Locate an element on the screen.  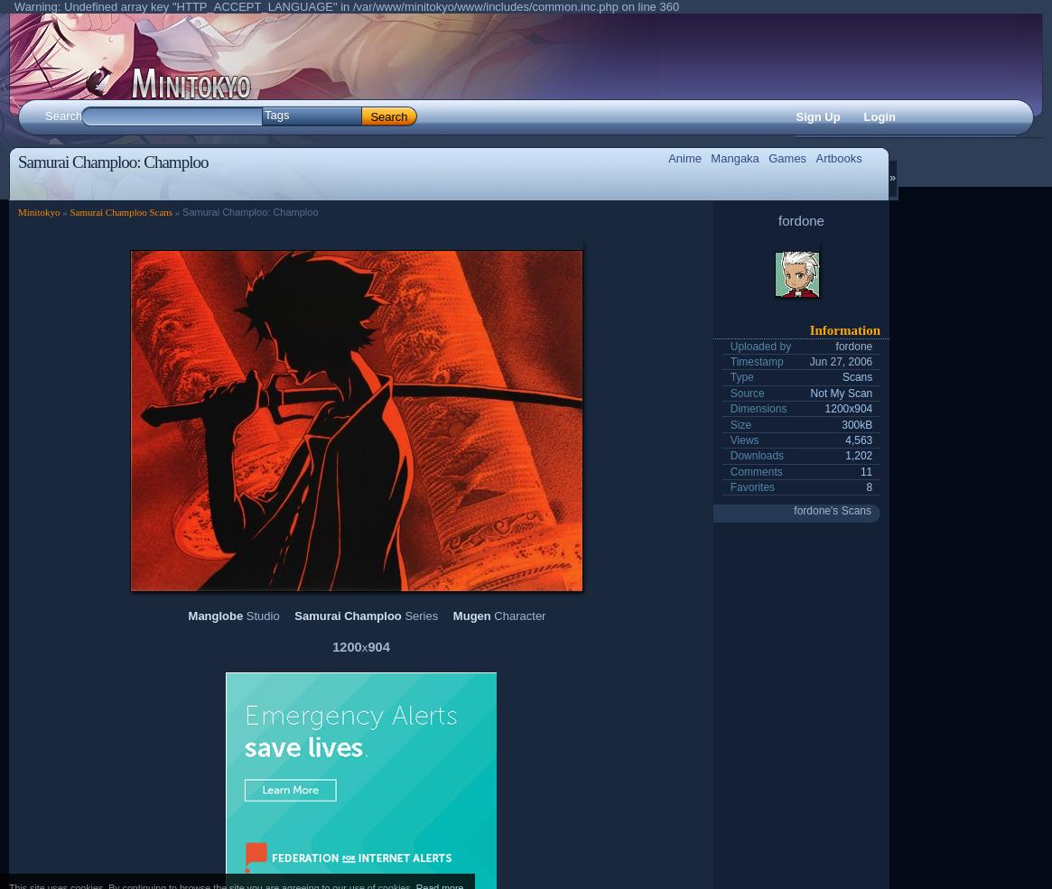
'904' is located at coordinates (377, 646).